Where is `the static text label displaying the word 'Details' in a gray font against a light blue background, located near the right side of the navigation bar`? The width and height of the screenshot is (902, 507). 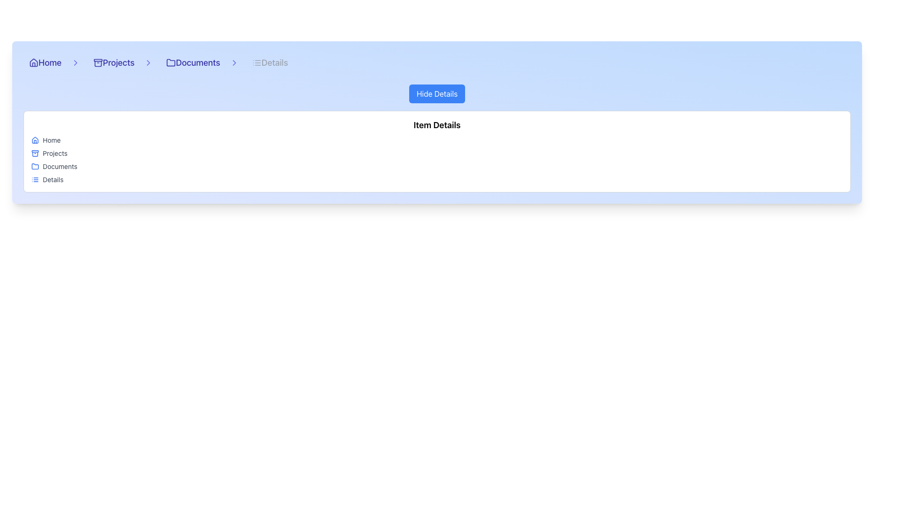 the static text label displaying the word 'Details' in a gray font against a light blue background, located near the right side of the navigation bar is located at coordinates (274, 63).